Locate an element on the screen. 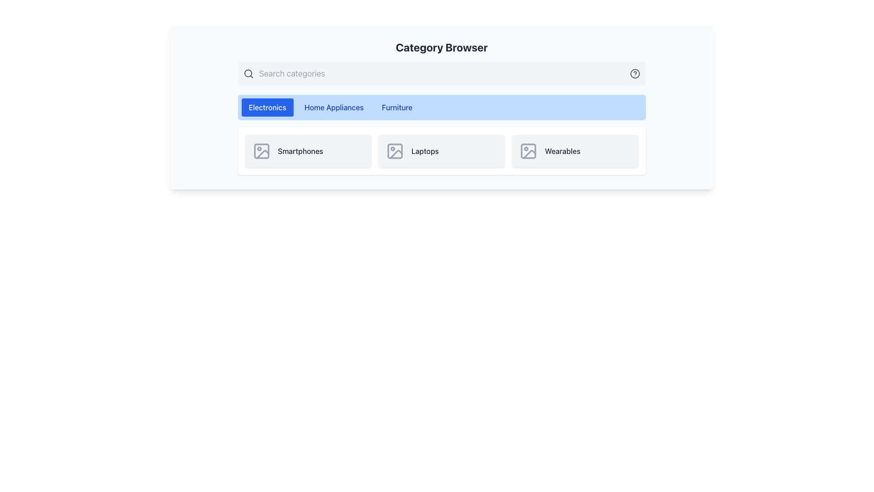 The height and width of the screenshot is (492, 874). the square icon with rounded corners and a gray border located to the left of the text 'Wearables' in the 'Wearables' category is located at coordinates (528, 150).